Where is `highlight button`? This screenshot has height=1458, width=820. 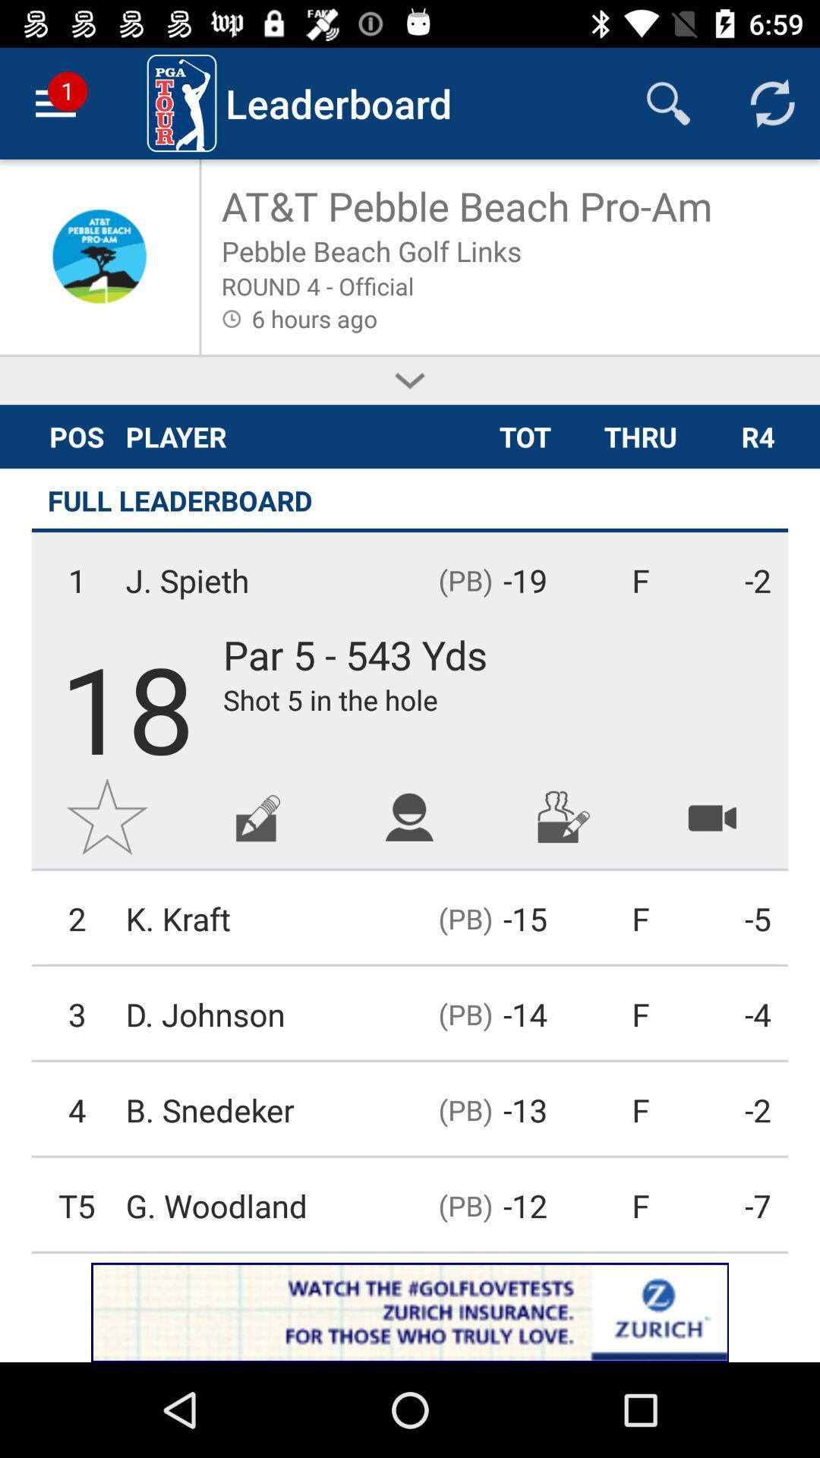 highlight button is located at coordinates (712, 816).